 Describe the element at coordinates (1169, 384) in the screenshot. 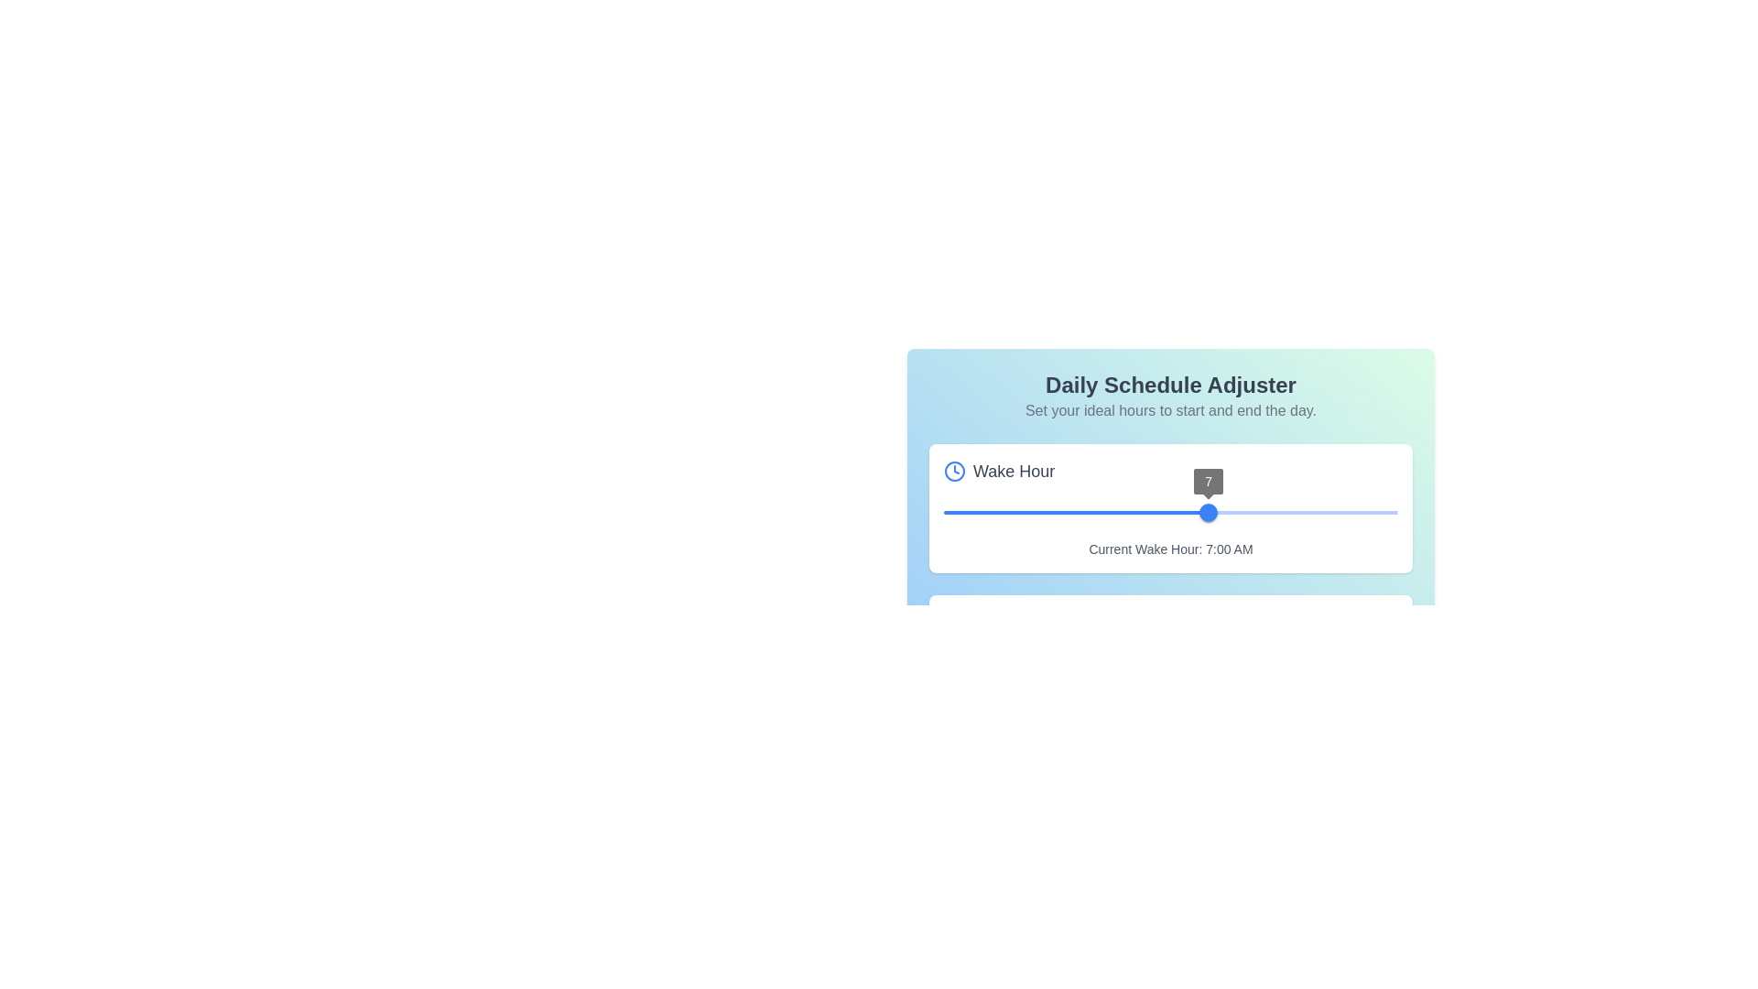

I see `the static text label 'Daily Schedule Adjuster', which is a large heading in bold and dark color, centrally aligned above the subtitle` at that location.